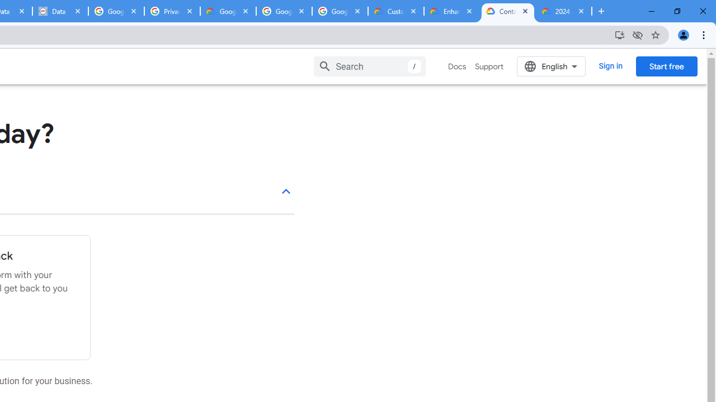 The image size is (716, 402). I want to click on 'Enhanced Support | Google Cloud', so click(451, 11).